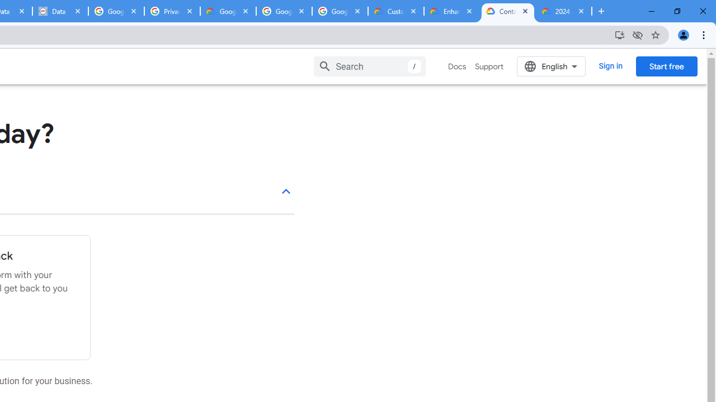 The image size is (716, 402). I want to click on 'Enhanced Support | Google Cloud', so click(451, 11).